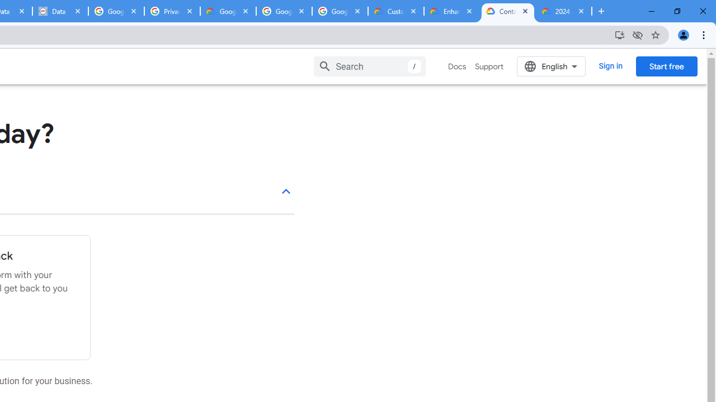 The image size is (716, 402). I want to click on 'Enhanced Support | Google Cloud', so click(451, 11).